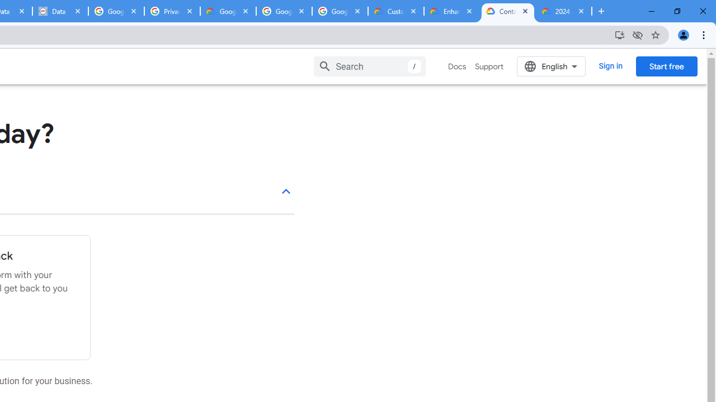 The image size is (716, 402). I want to click on 'Enhanced Support | Google Cloud', so click(451, 11).